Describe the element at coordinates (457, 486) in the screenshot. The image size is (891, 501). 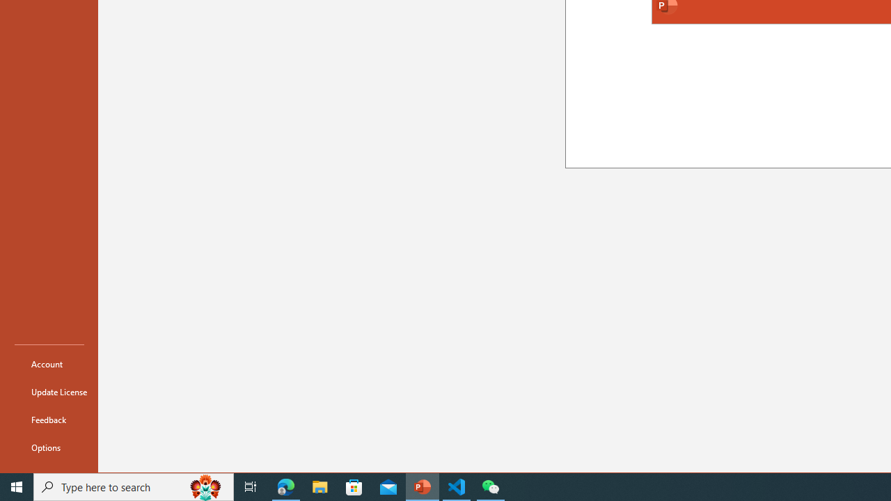
I see `'Visual Studio Code - 1 running window'` at that location.